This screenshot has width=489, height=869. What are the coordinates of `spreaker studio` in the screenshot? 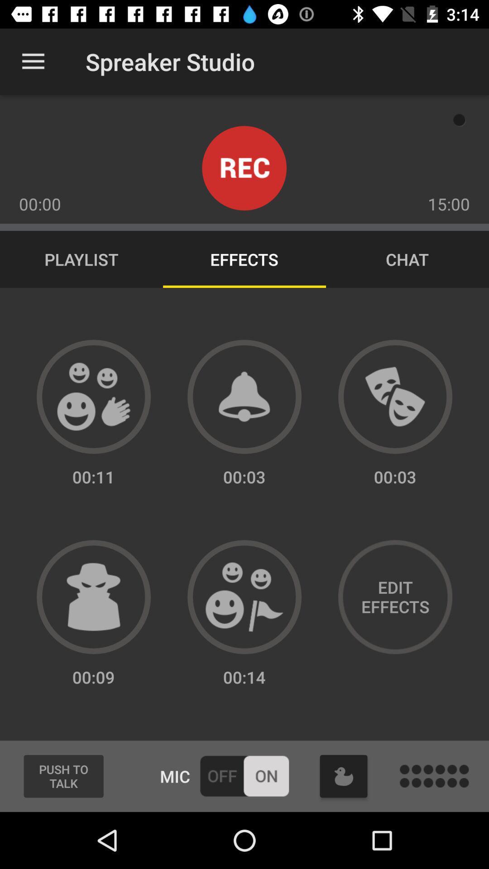 It's located at (244, 597).